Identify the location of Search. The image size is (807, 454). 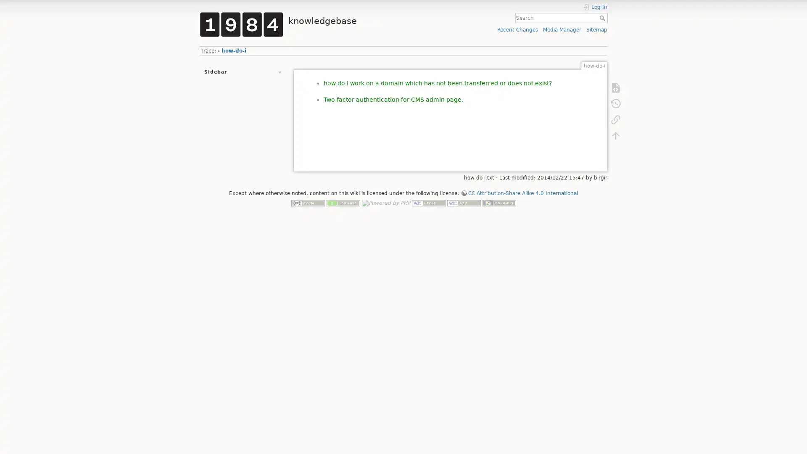
(603, 18).